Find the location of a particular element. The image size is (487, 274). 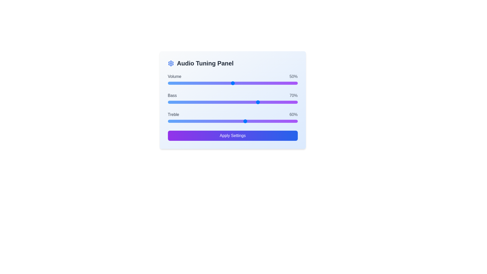

the handle of the Bass slider is located at coordinates (232, 102).